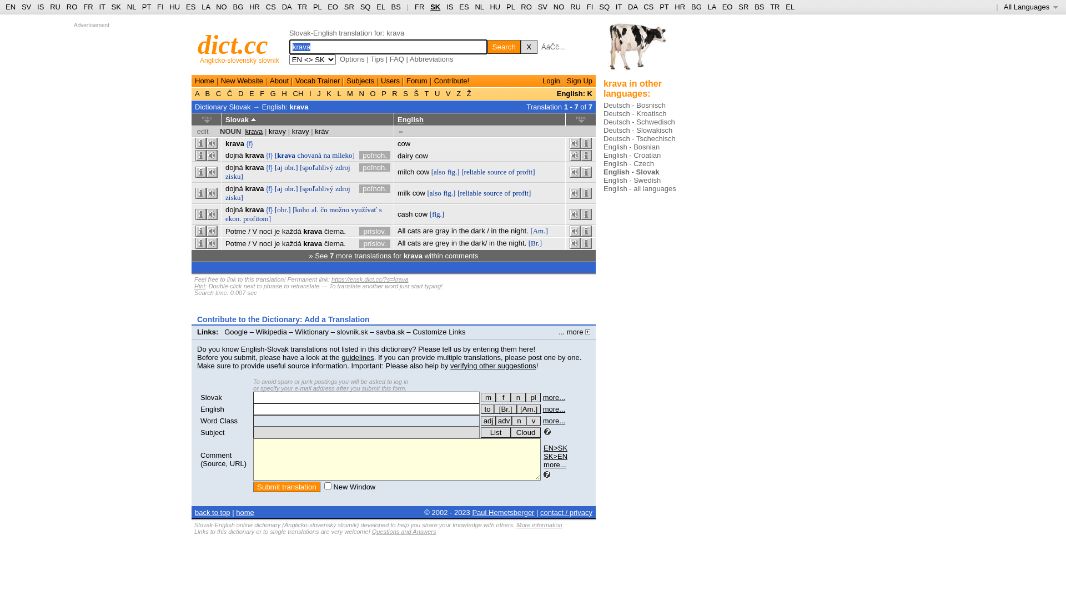 The image size is (1066, 600). Describe the element at coordinates (232, 44) in the screenshot. I see `'dict.cc'` at that location.